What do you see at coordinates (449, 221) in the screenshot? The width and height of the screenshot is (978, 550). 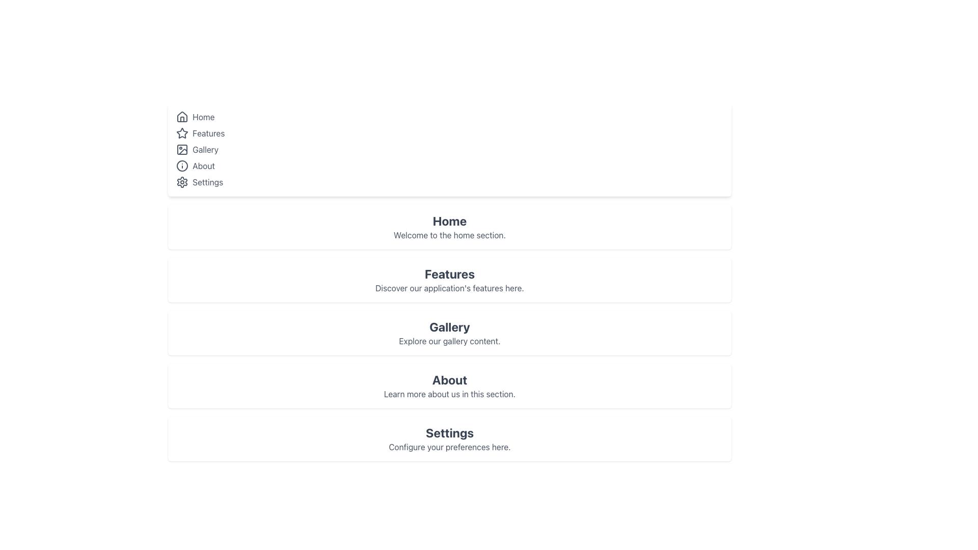 I see `the 'Home' static text header, which is prominently displayed in large, bold dark gray font above the smaller text 'Welcome to the home section'` at bounding box center [449, 221].